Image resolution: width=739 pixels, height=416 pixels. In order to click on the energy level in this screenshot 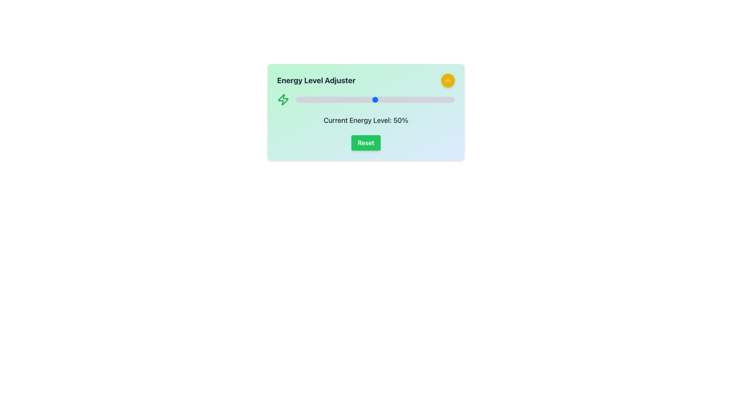, I will do `click(453, 99)`.